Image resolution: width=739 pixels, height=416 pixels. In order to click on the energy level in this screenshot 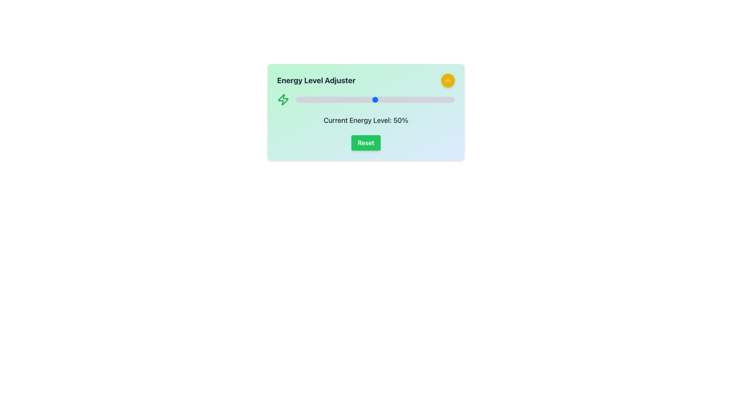, I will do `click(453, 99)`.